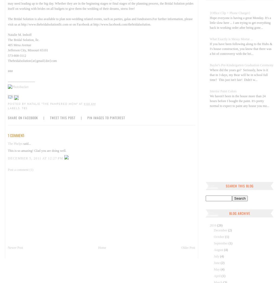 The height and width of the screenshot is (283, 279). Describe the element at coordinates (239, 186) in the screenshot. I see `'Search This Blog'` at that location.